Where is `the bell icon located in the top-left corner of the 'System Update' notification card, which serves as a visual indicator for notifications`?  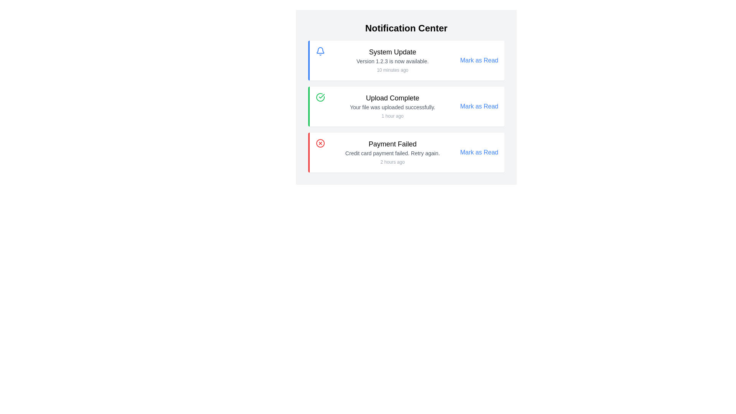
the bell icon located in the top-left corner of the 'System Update' notification card, which serves as a visual indicator for notifications is located at coordinates (320, 51).